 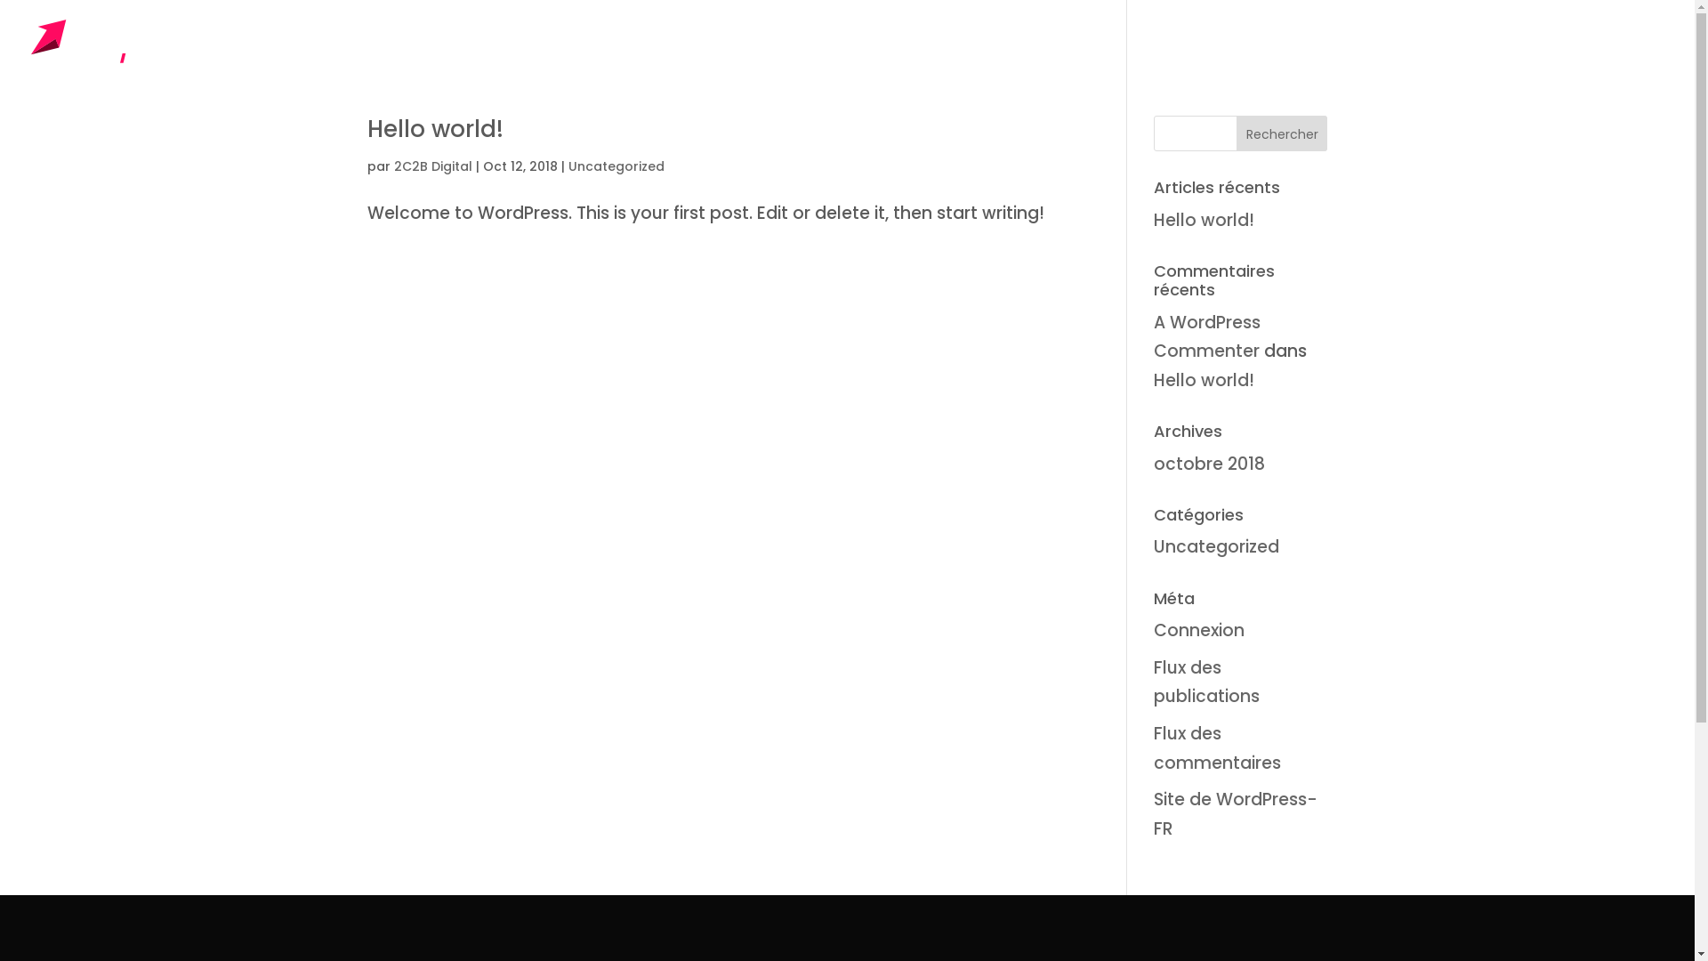 What do you see at coordinates (1153, 463) in the screenshot?
I see `'octobre 2018'` at bounding box center [1153, 463].